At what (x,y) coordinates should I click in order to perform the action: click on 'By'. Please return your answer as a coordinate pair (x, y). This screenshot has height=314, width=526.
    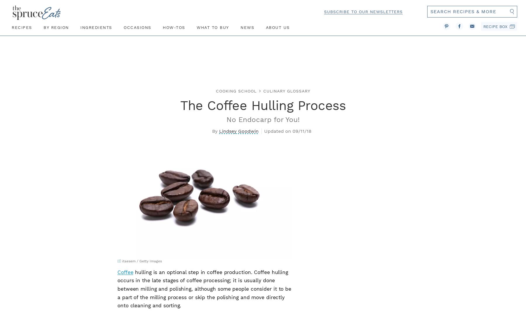
    Looking at the image, I should click on (214, 131).